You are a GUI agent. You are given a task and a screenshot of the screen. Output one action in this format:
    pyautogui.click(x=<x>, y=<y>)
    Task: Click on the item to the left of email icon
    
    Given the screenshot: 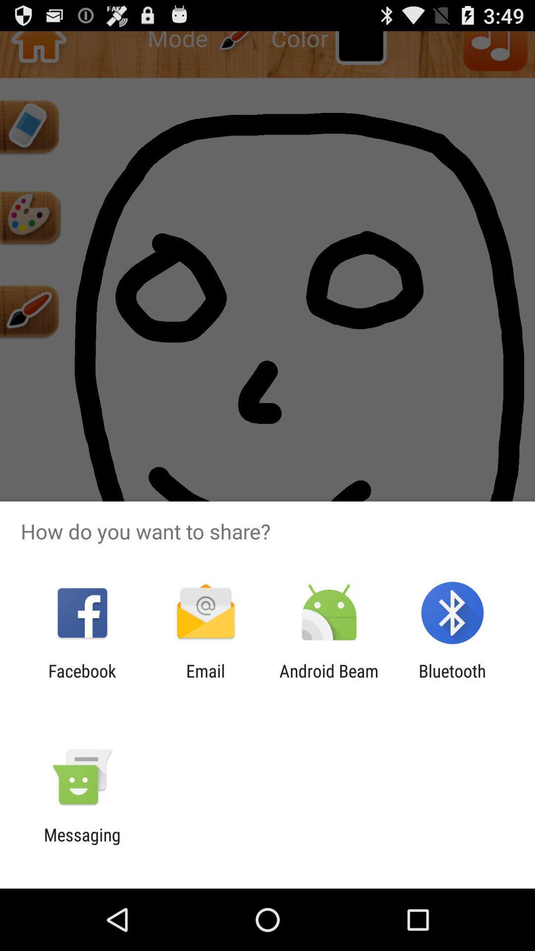 What is the action you would take?
    pyautogui.click(x=82, y=681)
    